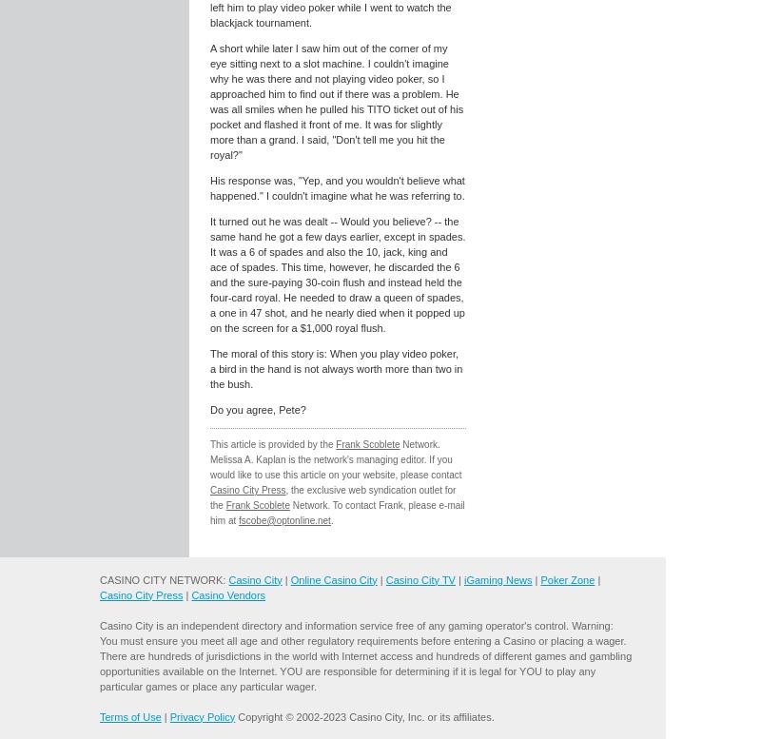 The width and height of the screenshot is (761, 739). I want to click on 'CASINO CITY NETWORK:', so click(163, 579).